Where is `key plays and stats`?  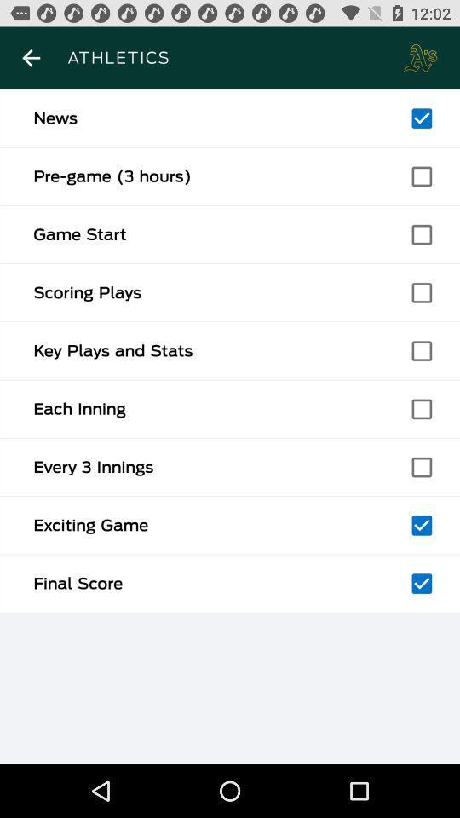 key plays and stats is located at coordinates (421, 350).